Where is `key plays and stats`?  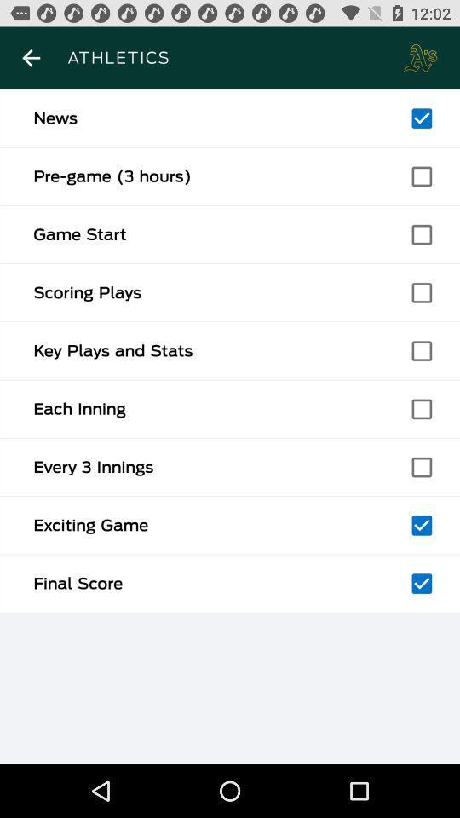 key plays and stats is located at coordinates (421, 350).